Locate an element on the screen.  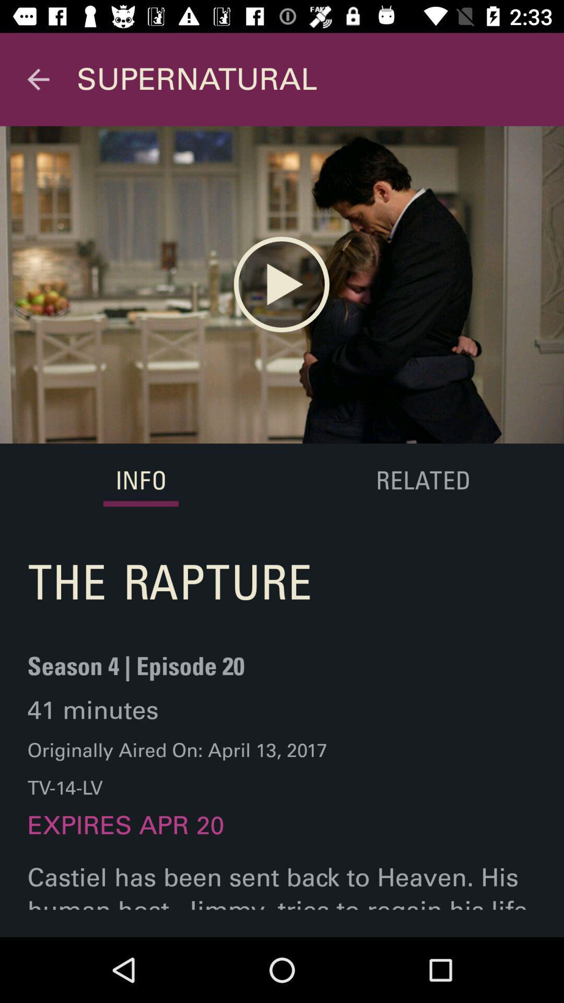
item below the season 4 episode item is located at coordinates (92, 710).